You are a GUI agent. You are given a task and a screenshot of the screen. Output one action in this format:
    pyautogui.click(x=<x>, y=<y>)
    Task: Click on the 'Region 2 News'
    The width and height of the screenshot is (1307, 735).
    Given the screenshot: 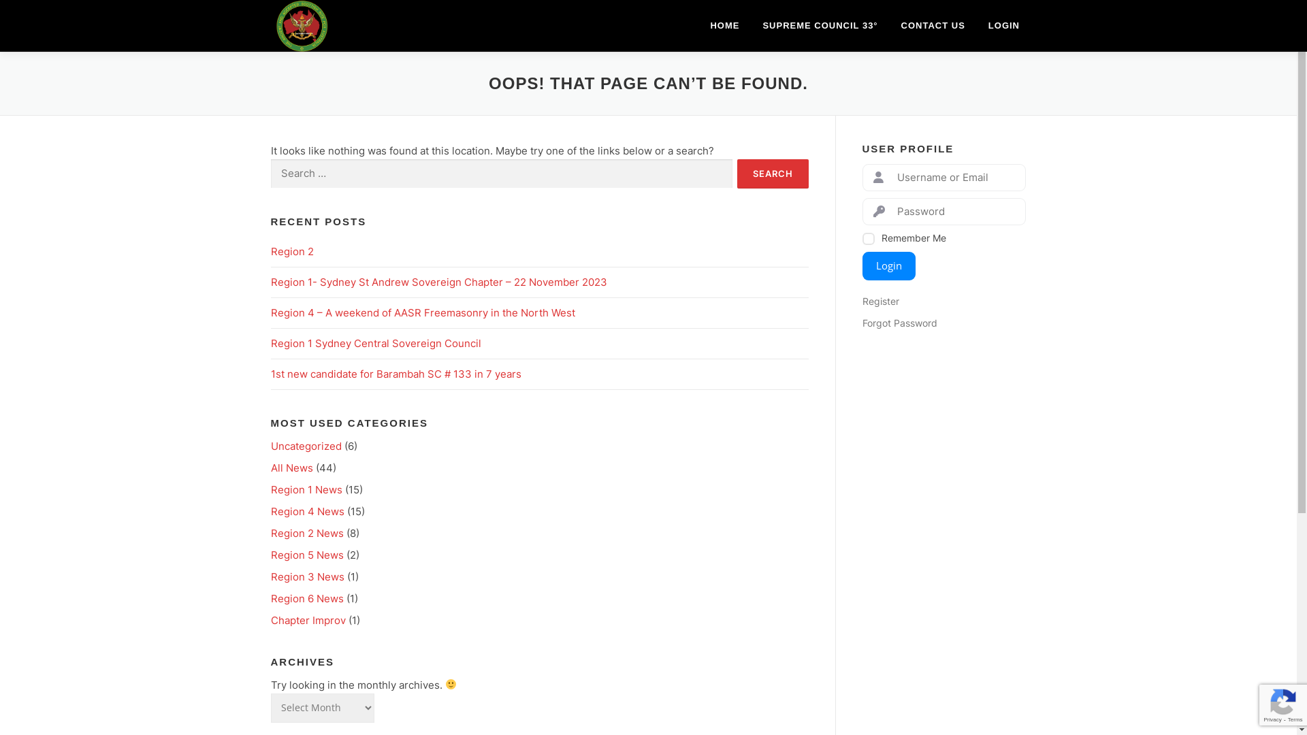 What is the action you would take?
    pyautogui.click(x=306, y=532)
    